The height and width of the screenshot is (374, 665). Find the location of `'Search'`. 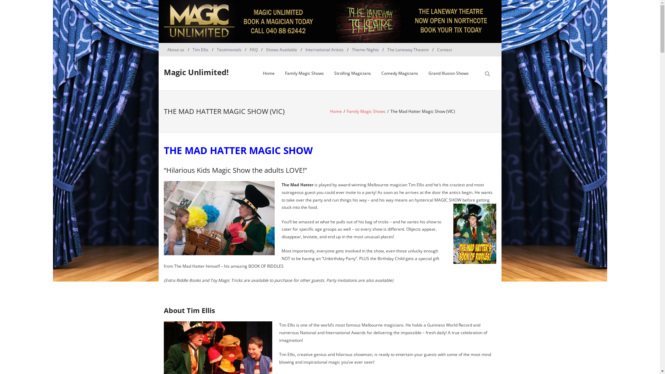

'Search' is located at coordinates (12, 6).